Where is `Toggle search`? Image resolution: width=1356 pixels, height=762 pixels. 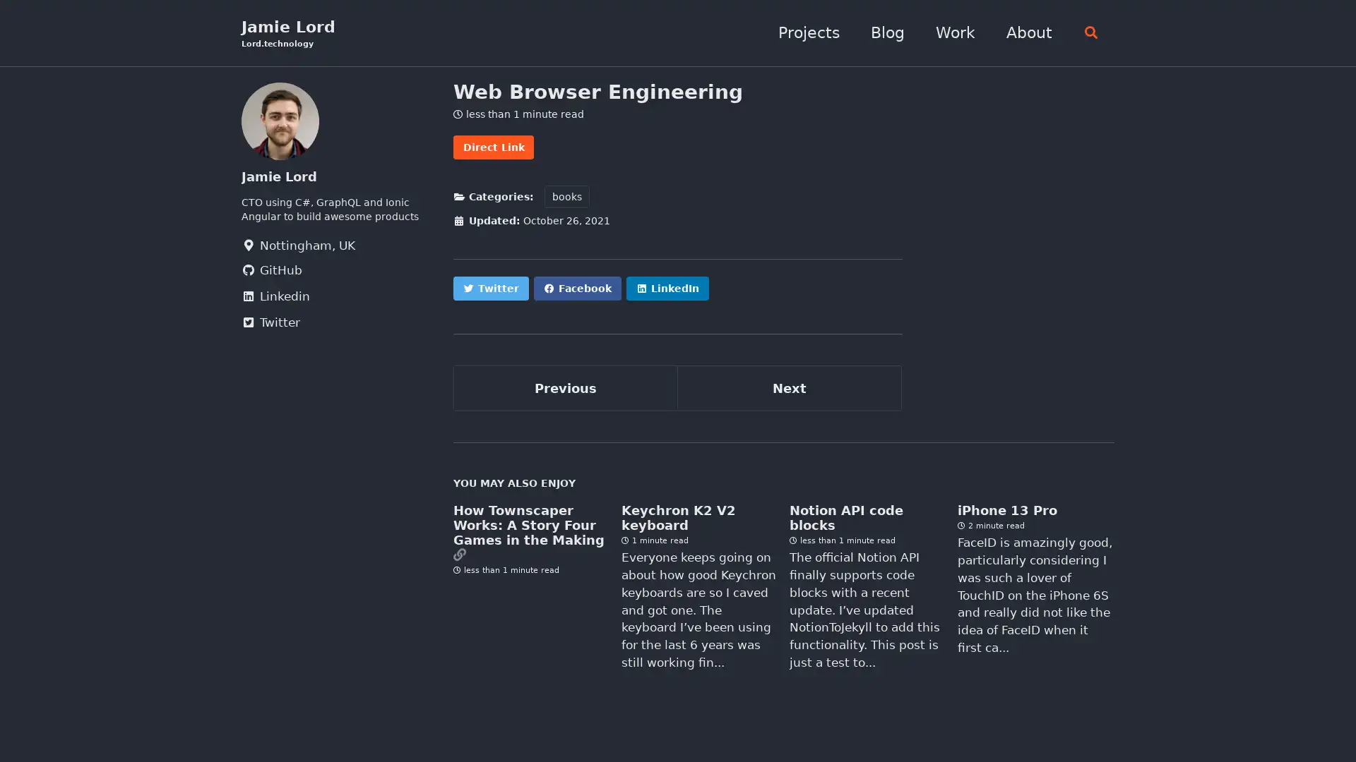 Toggle search is located at coordinates (1086, 32).